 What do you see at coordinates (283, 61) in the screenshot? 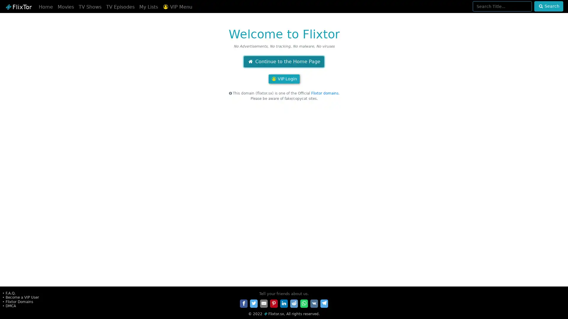
I see `Continue to the Home Page` at bounding box center [283, 61].